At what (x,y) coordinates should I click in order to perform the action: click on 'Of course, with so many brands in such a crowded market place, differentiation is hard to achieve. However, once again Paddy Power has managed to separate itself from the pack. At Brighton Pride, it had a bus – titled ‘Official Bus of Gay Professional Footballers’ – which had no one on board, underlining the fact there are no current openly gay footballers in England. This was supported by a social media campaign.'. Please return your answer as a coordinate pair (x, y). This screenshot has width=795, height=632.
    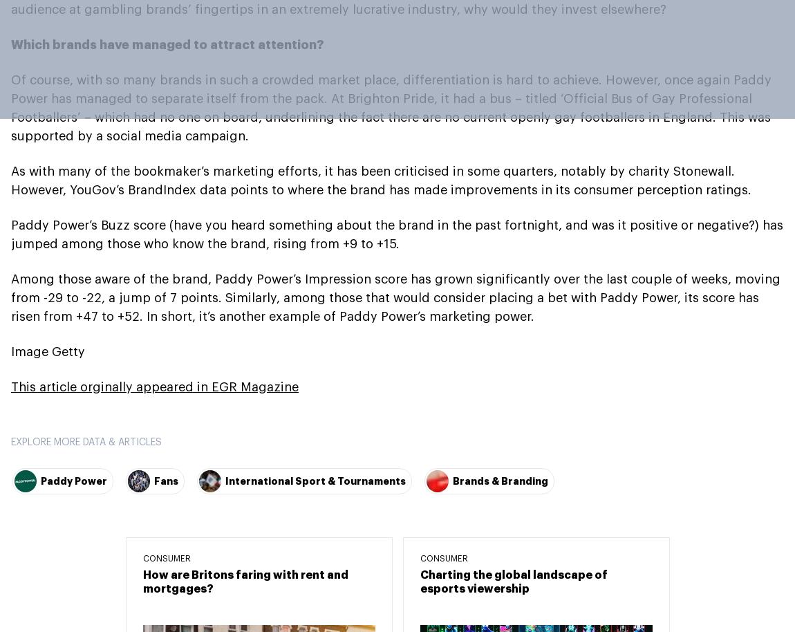
    Looking at the image, I should click on (391, 106).